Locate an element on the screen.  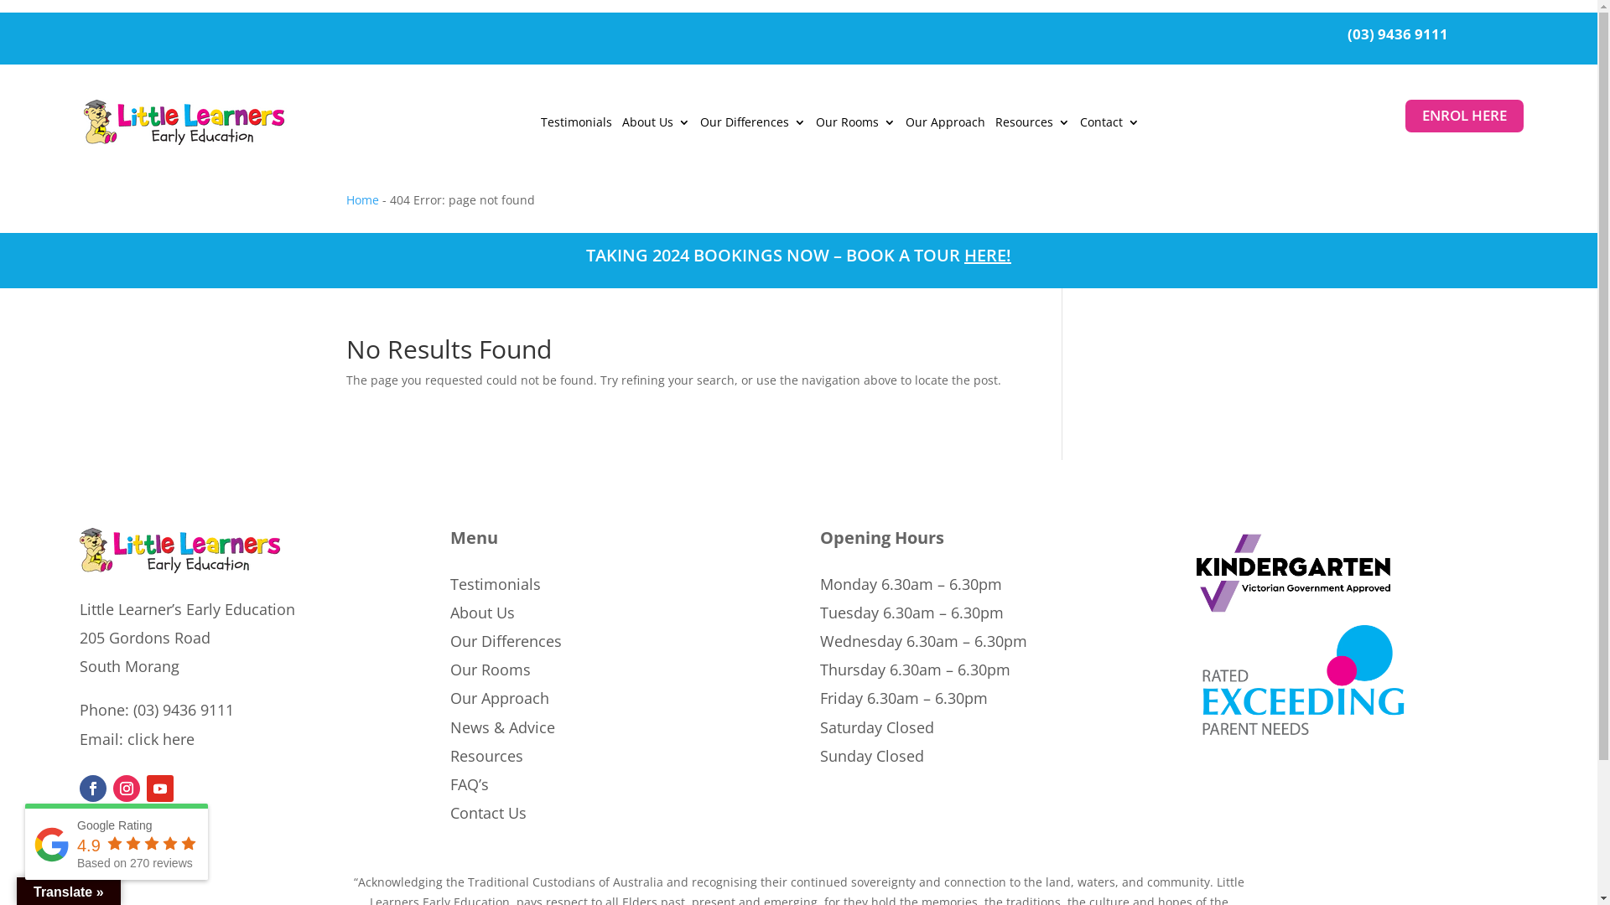
'Contact' is located at coordinates (1109, 125).